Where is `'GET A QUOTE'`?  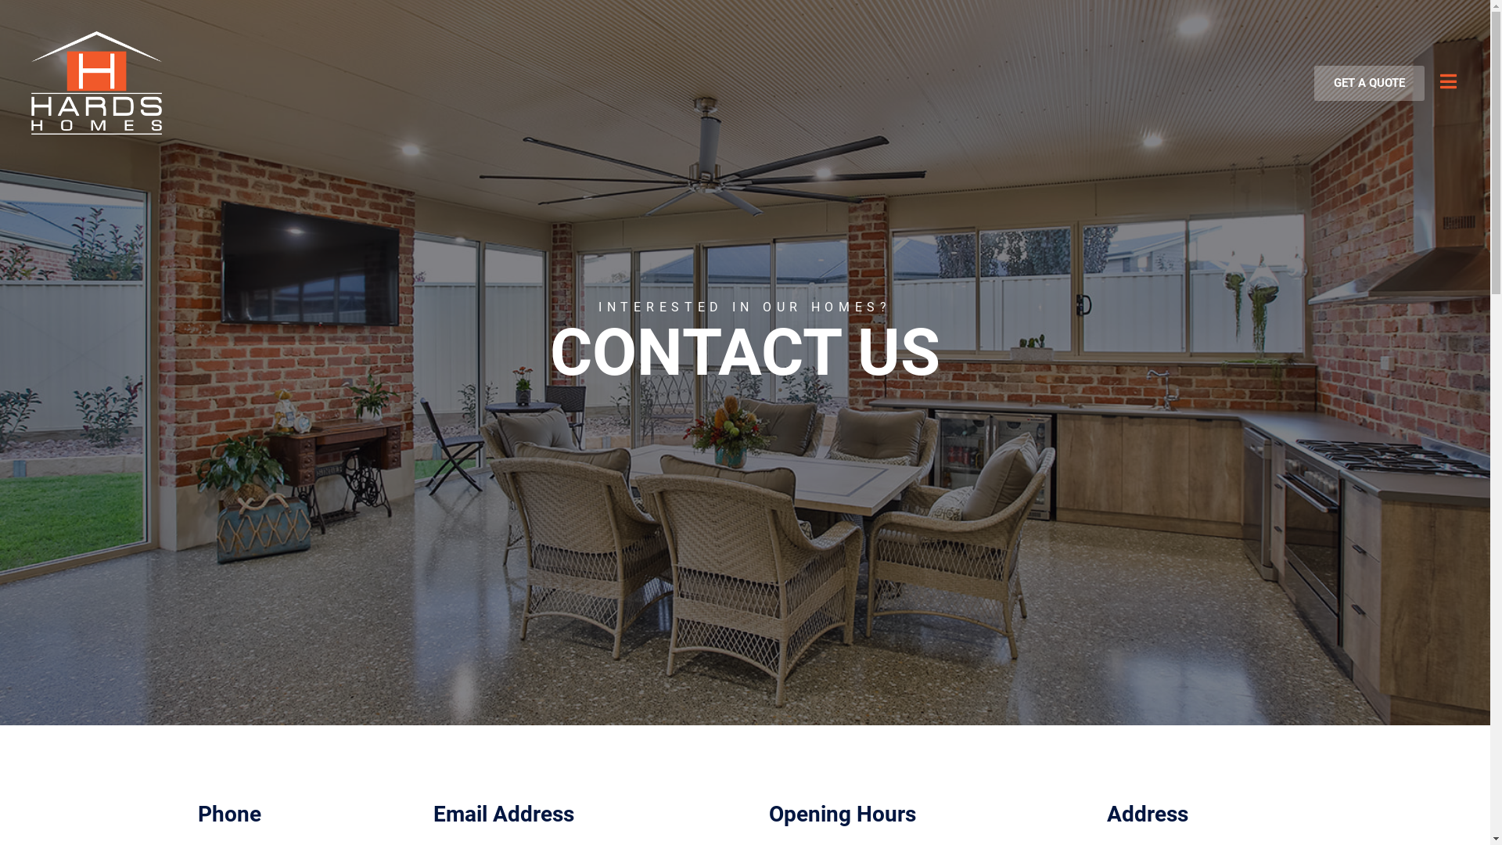 'GET A QUOTE' is located at coordinates (1368, 83).